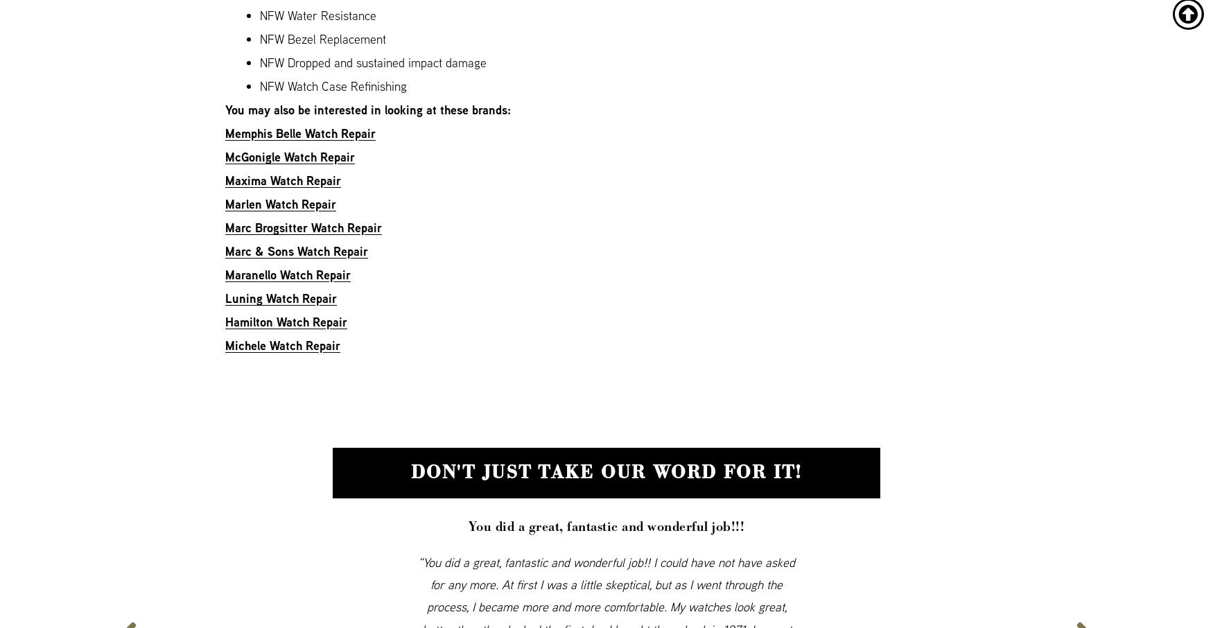 This screenshot has width=1213, height=628. What do you see at coordinates (367, 110) in the screenshot?
I see `'You may also be interested in looking at these brands:'` at bounding box center [367, 110].